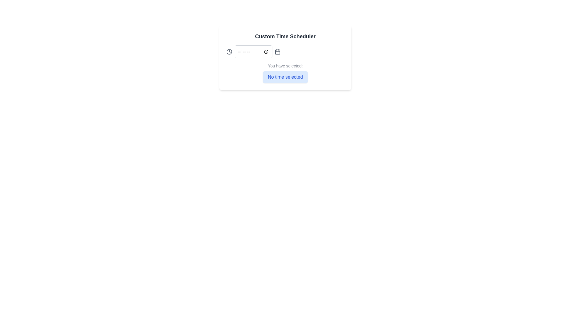  Describe the element at coordinates (253, 52) in the screenshot. I see `the Time input field located centrally below the 'Custom Time Scheduler' title to focus the input field` at that location.